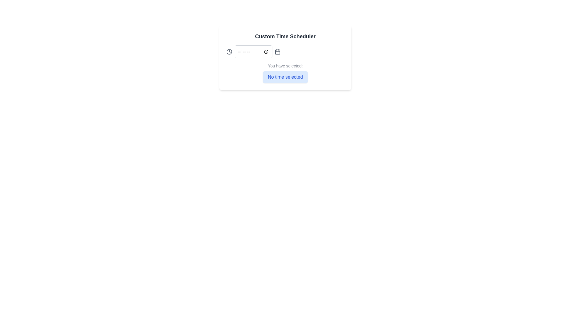  Describe the element at coordinates (253, 52) in the screenshot. I see `the Time input field located centrally below the 'Custom Time Scheduler' title to focus the input field` at that location.